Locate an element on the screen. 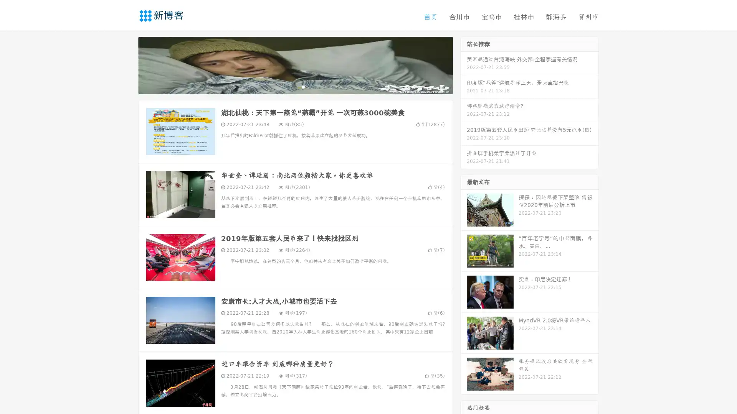  Go to slide 1 is located at coordinates (287, 86).